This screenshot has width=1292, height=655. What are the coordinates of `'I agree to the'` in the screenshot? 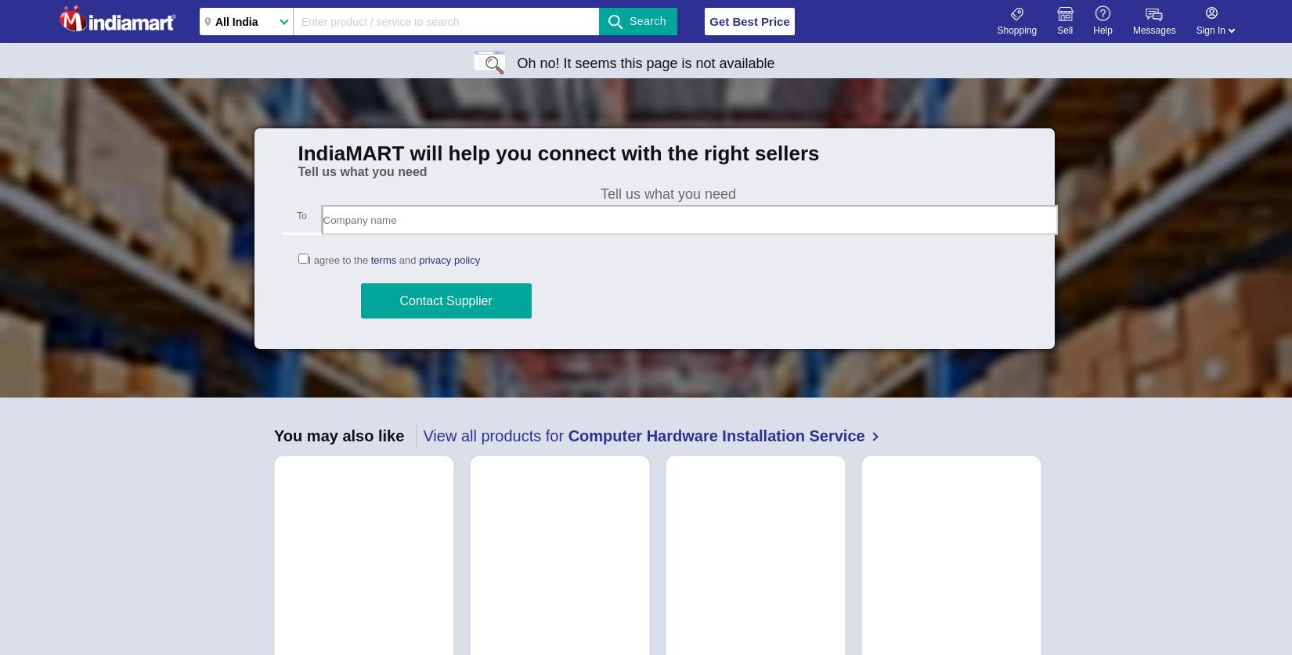 It's located at (337, 260).